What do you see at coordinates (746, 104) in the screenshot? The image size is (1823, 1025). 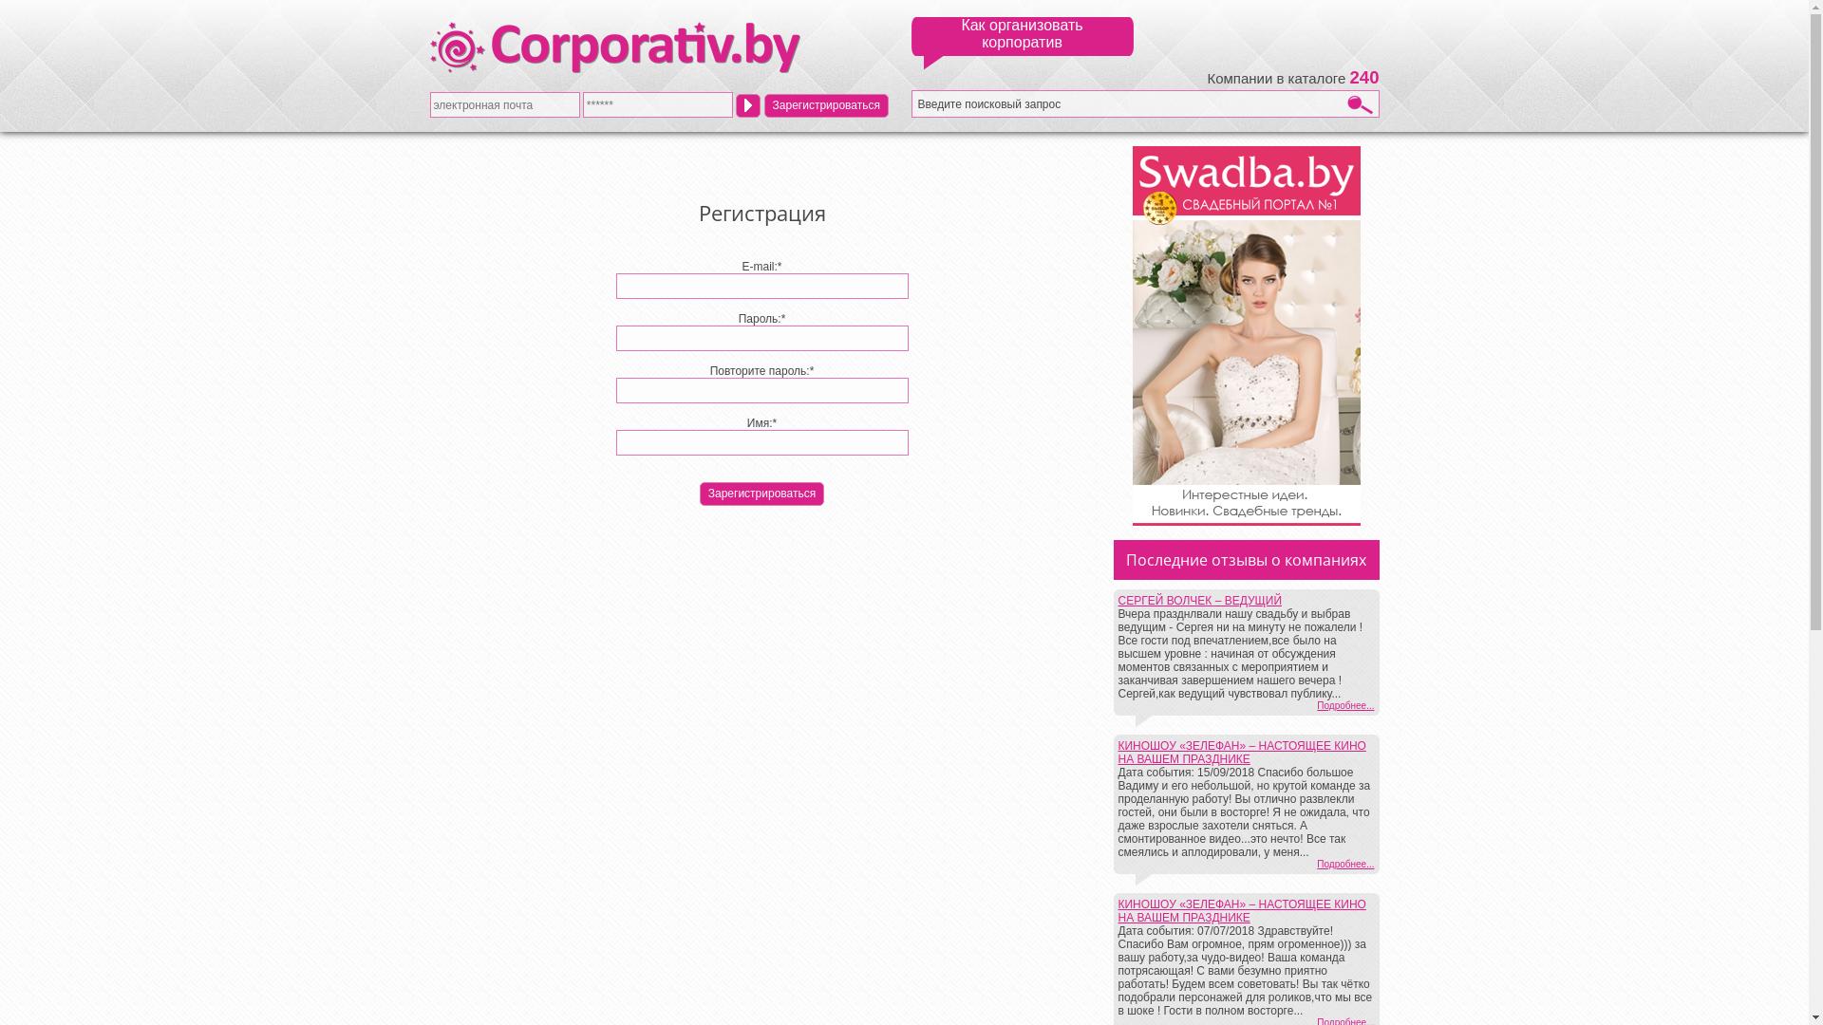 I see `' '` at bounding box center [746, 104].